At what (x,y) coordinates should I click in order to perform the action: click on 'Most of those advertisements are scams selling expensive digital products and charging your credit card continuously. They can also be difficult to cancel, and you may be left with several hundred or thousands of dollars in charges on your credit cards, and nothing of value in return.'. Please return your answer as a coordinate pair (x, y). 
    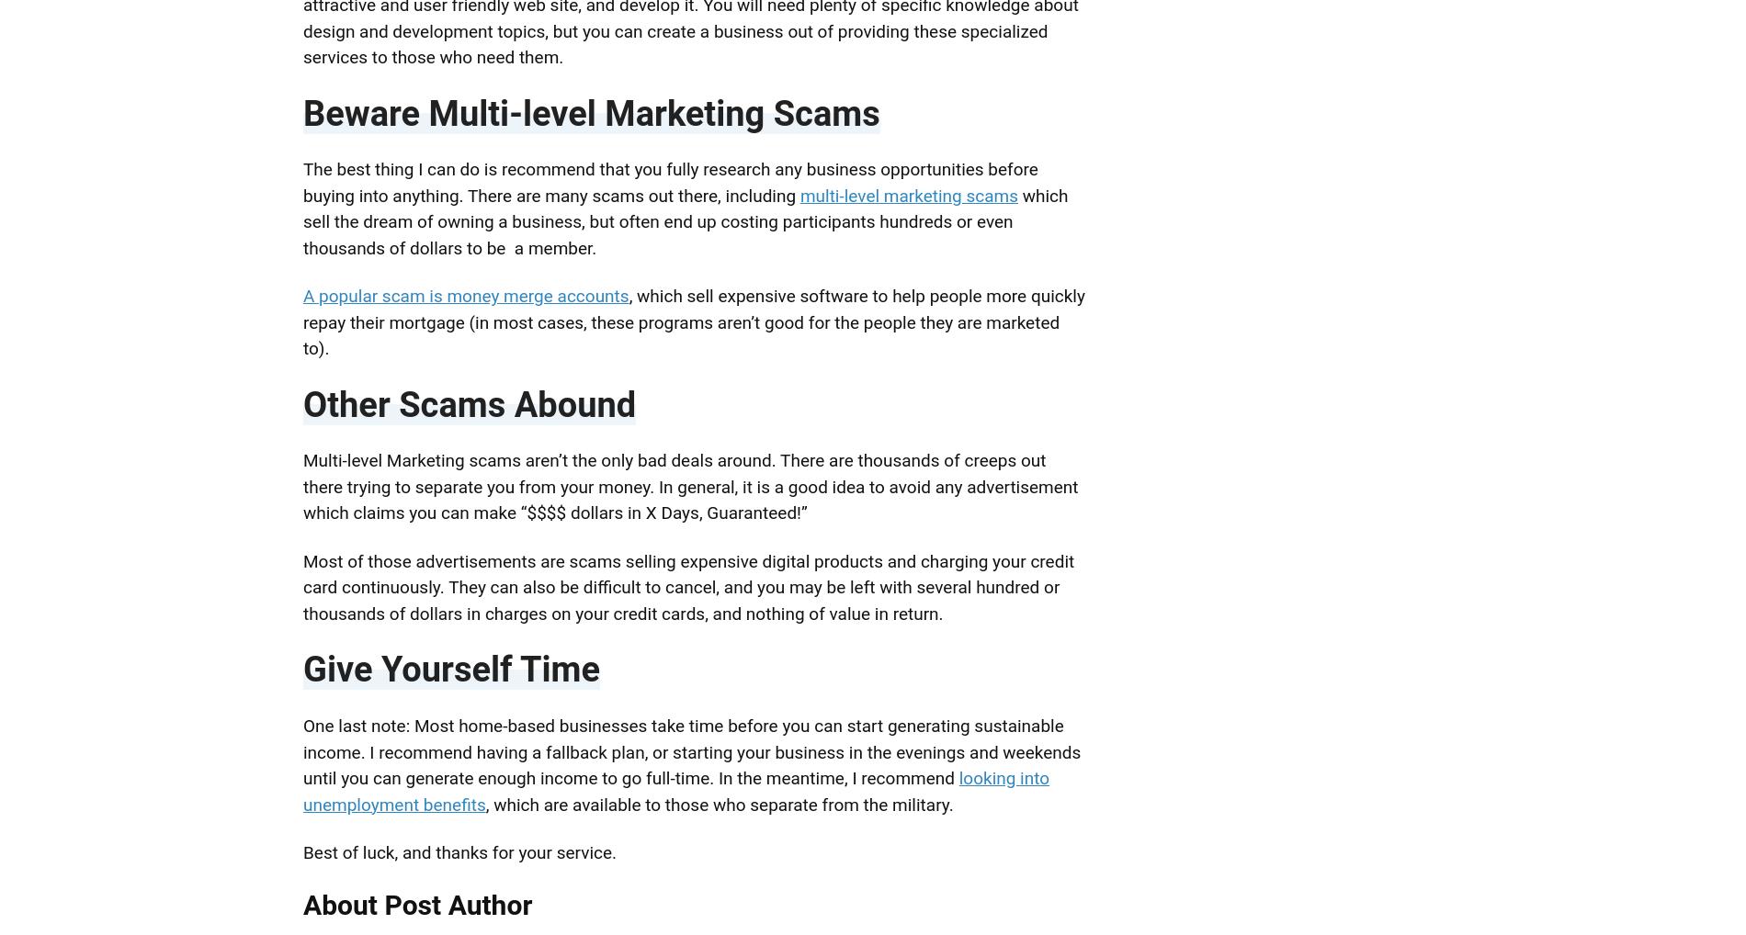
    Looking at the image, I should click on (687, 585).